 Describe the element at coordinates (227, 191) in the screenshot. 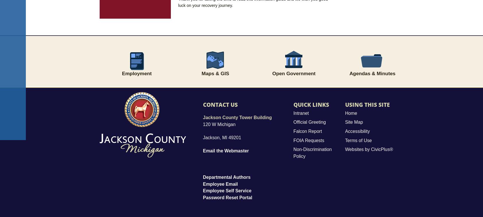

I see `'Employee Self Service'` at that location.